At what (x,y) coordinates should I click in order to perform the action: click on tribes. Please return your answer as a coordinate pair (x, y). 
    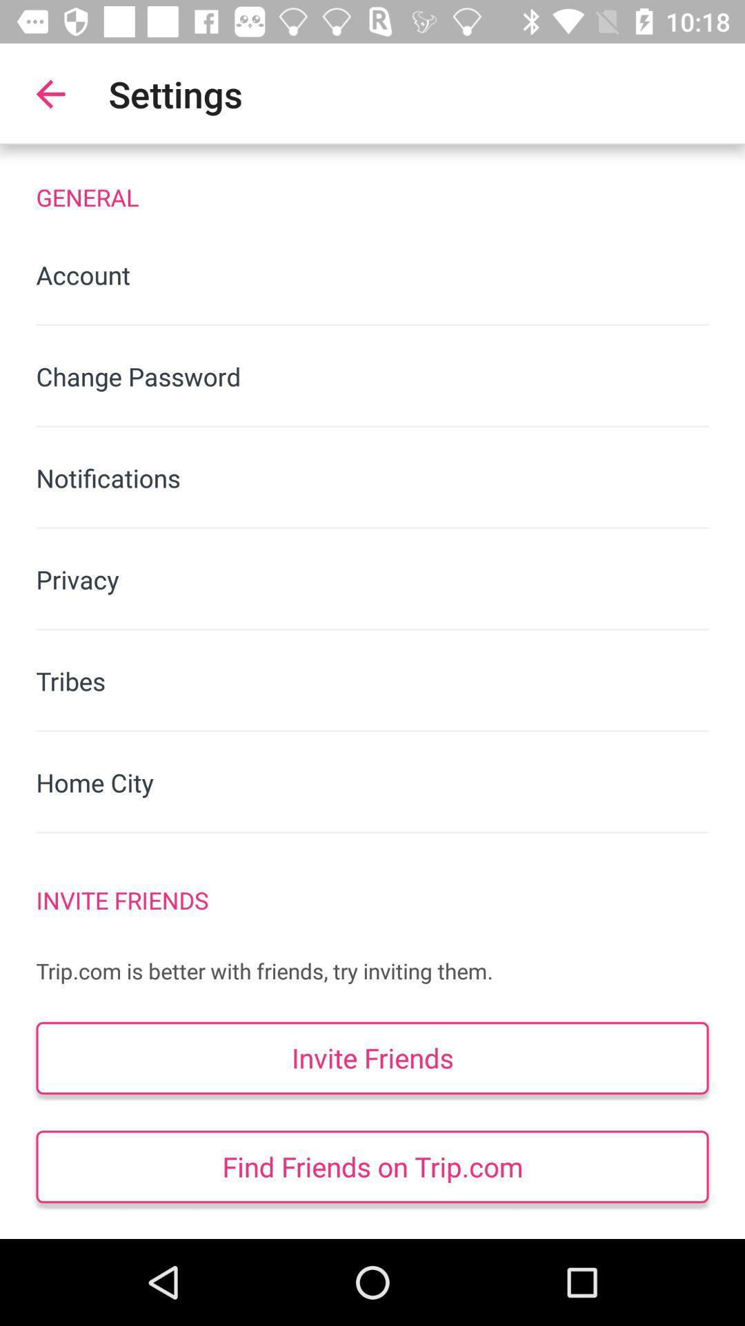
    Looking at the image, I should click on (372, 681).